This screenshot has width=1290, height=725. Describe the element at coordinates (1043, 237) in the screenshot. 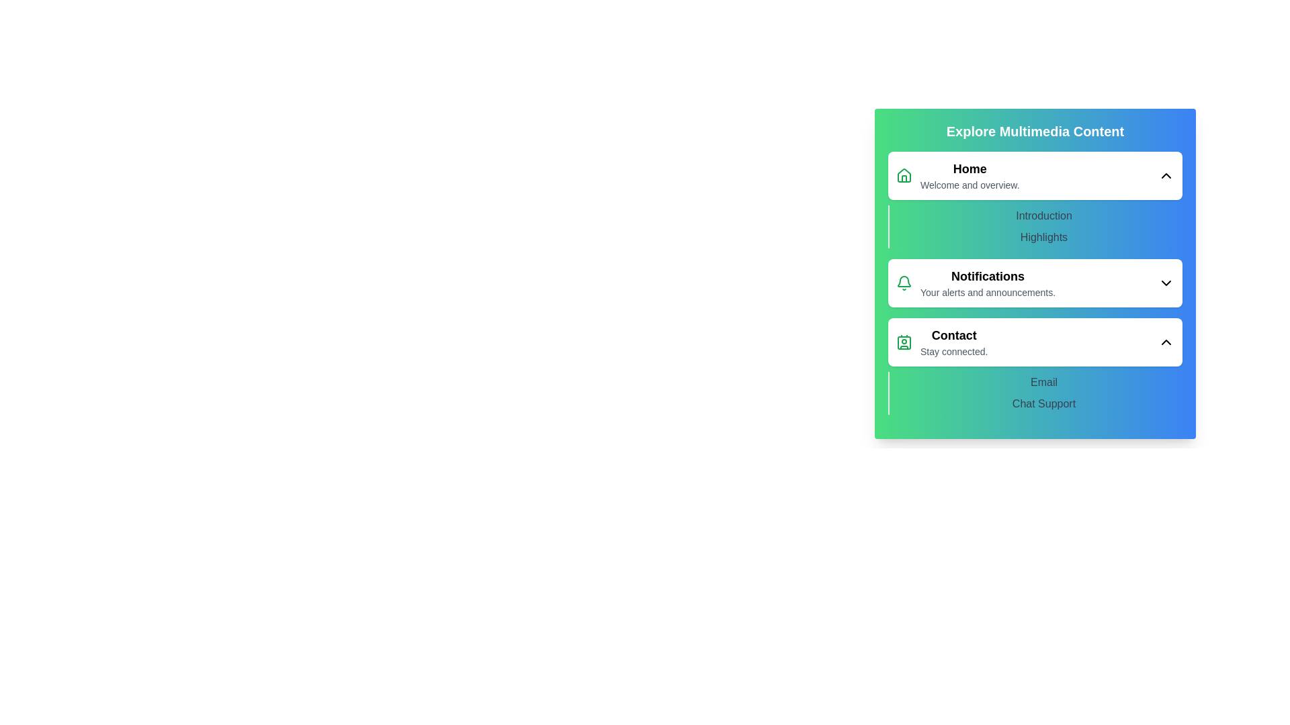

I see `the sub-item Highlights within the expanded menu` at that location.